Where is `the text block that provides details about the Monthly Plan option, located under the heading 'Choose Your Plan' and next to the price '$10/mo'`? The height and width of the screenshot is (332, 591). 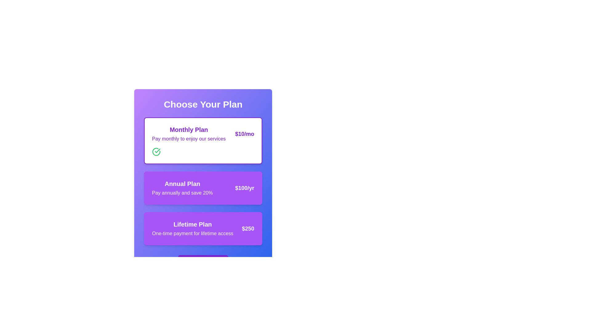 the text block that provides details about the Monthly Plan option, located under the heading 'Choose Your Plan' and next to the price '$10/mo' is located at coordinates (188, 133).